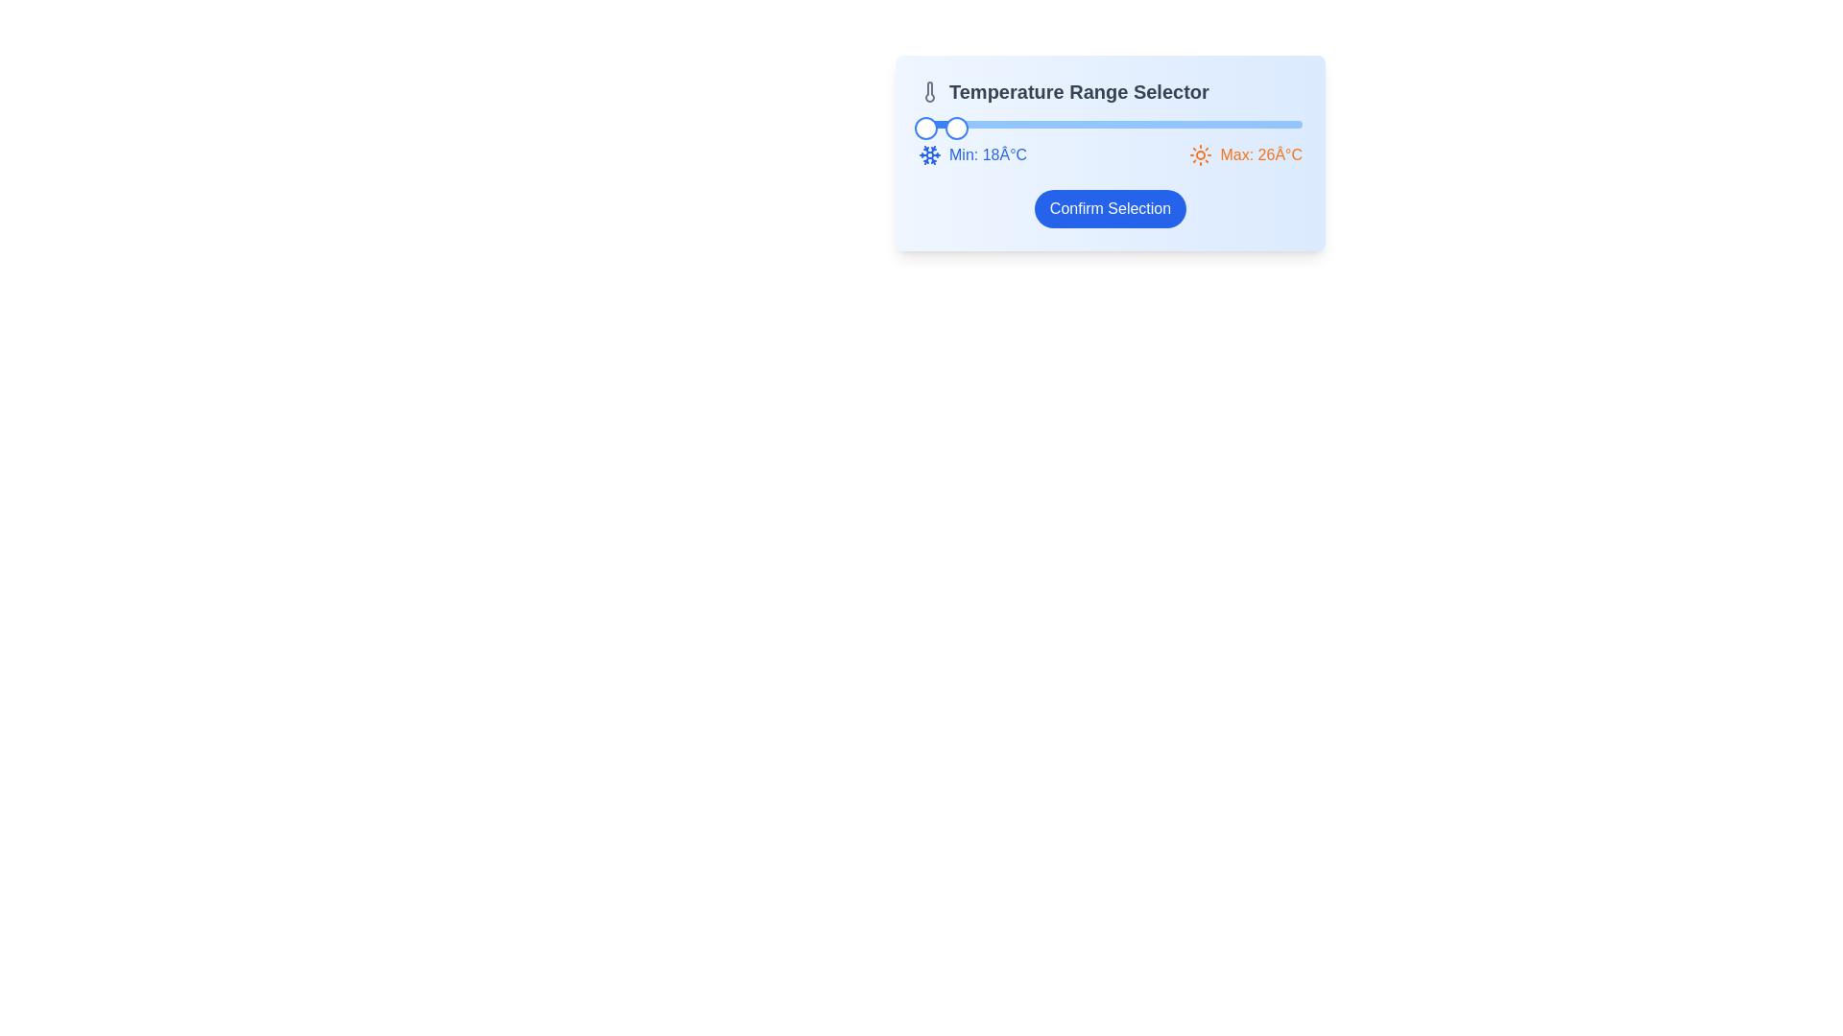 This screenshot has width=1843, height=1036. Describe the element at coordinates (930, 92) in the screenshot. I see `the decorative or informational icon located at the top-left corner of the card component, adjacent to the title text 'Temperature Range Selector'` at that location.